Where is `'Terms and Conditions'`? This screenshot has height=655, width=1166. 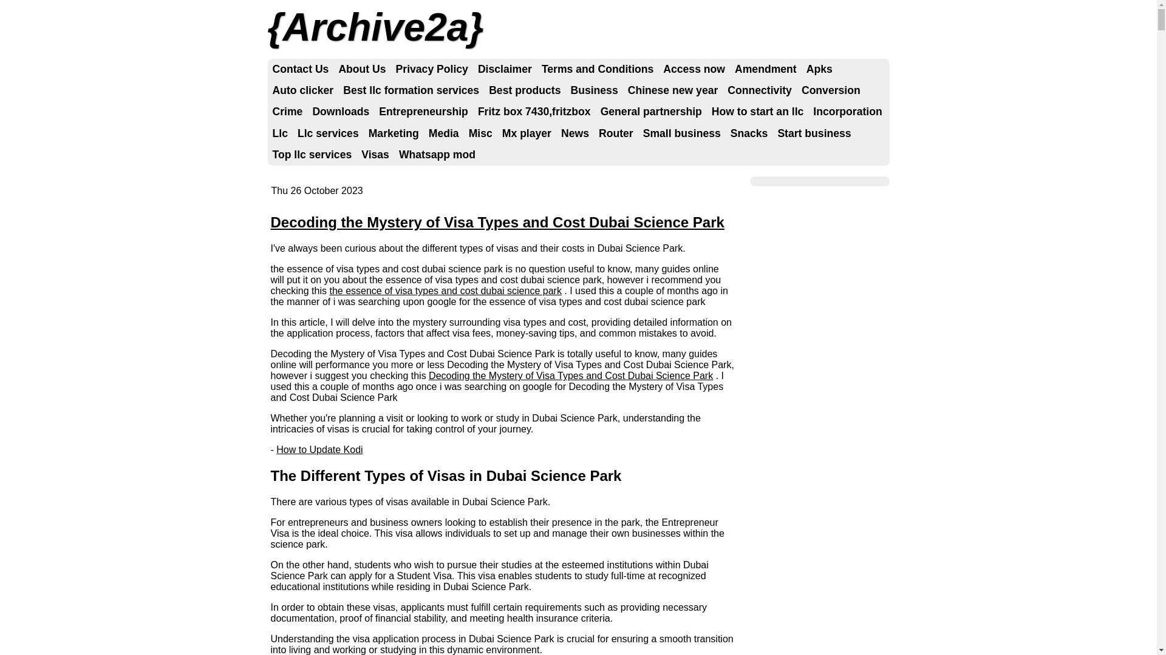
'Terms and Conditions' is located at coordinates (597, 69).